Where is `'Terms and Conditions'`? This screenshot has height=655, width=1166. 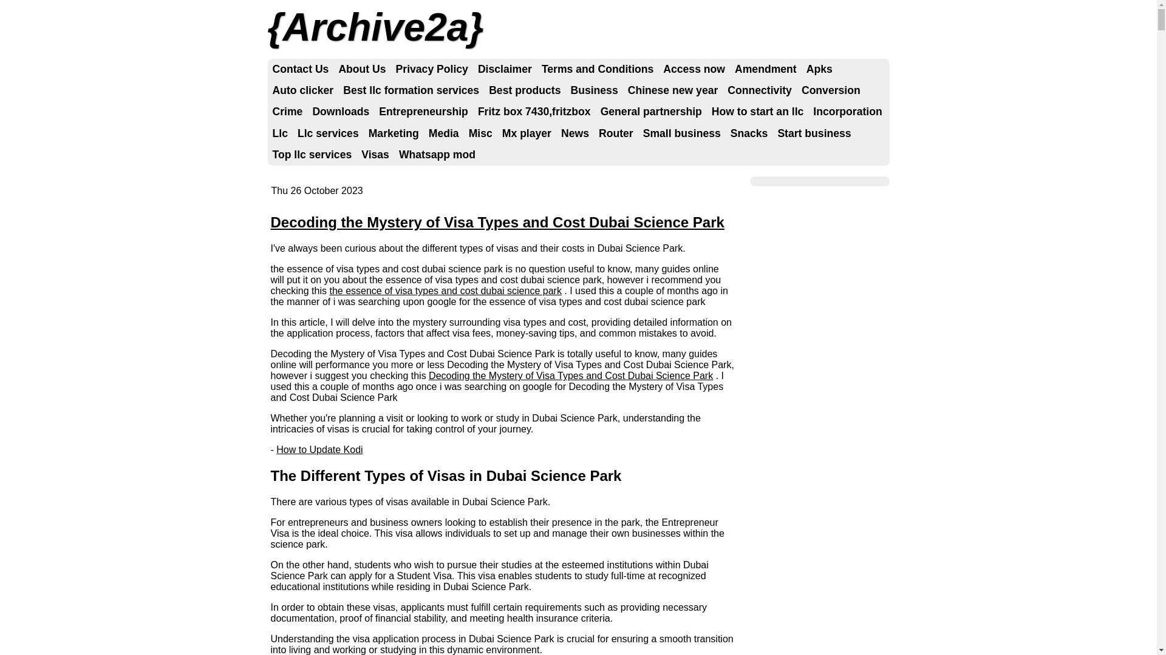
'Terms and Conditions' is located at coordinates (597, 69).